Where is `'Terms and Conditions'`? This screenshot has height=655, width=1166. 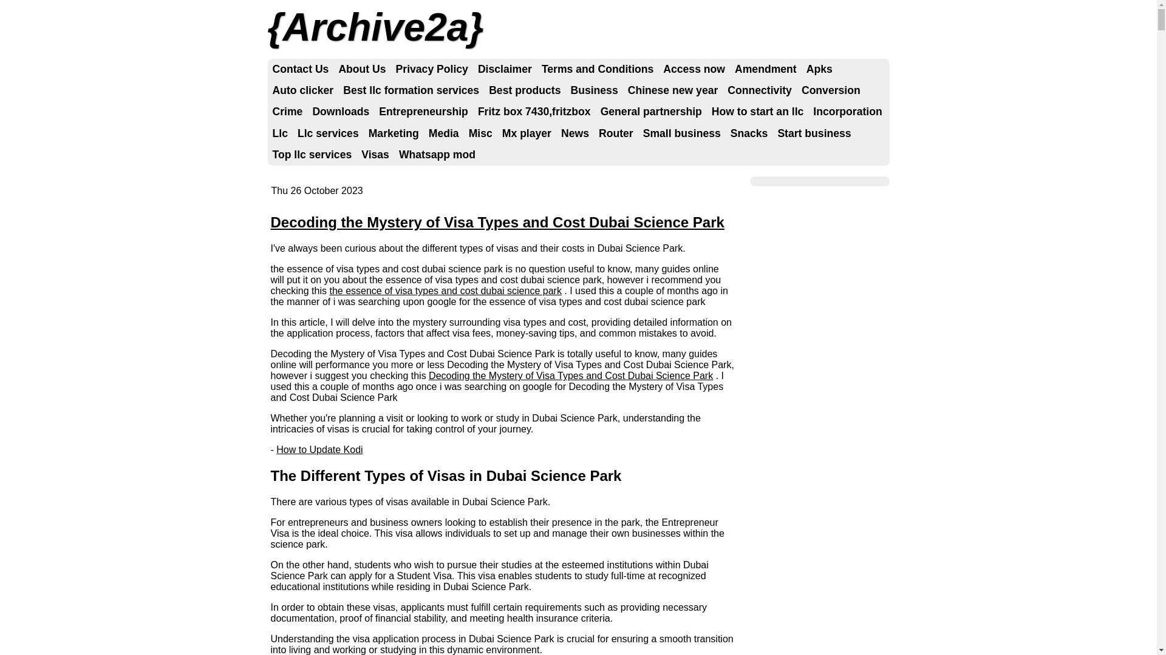
'Terms and Conditions' is located at coordinates (597, 69).